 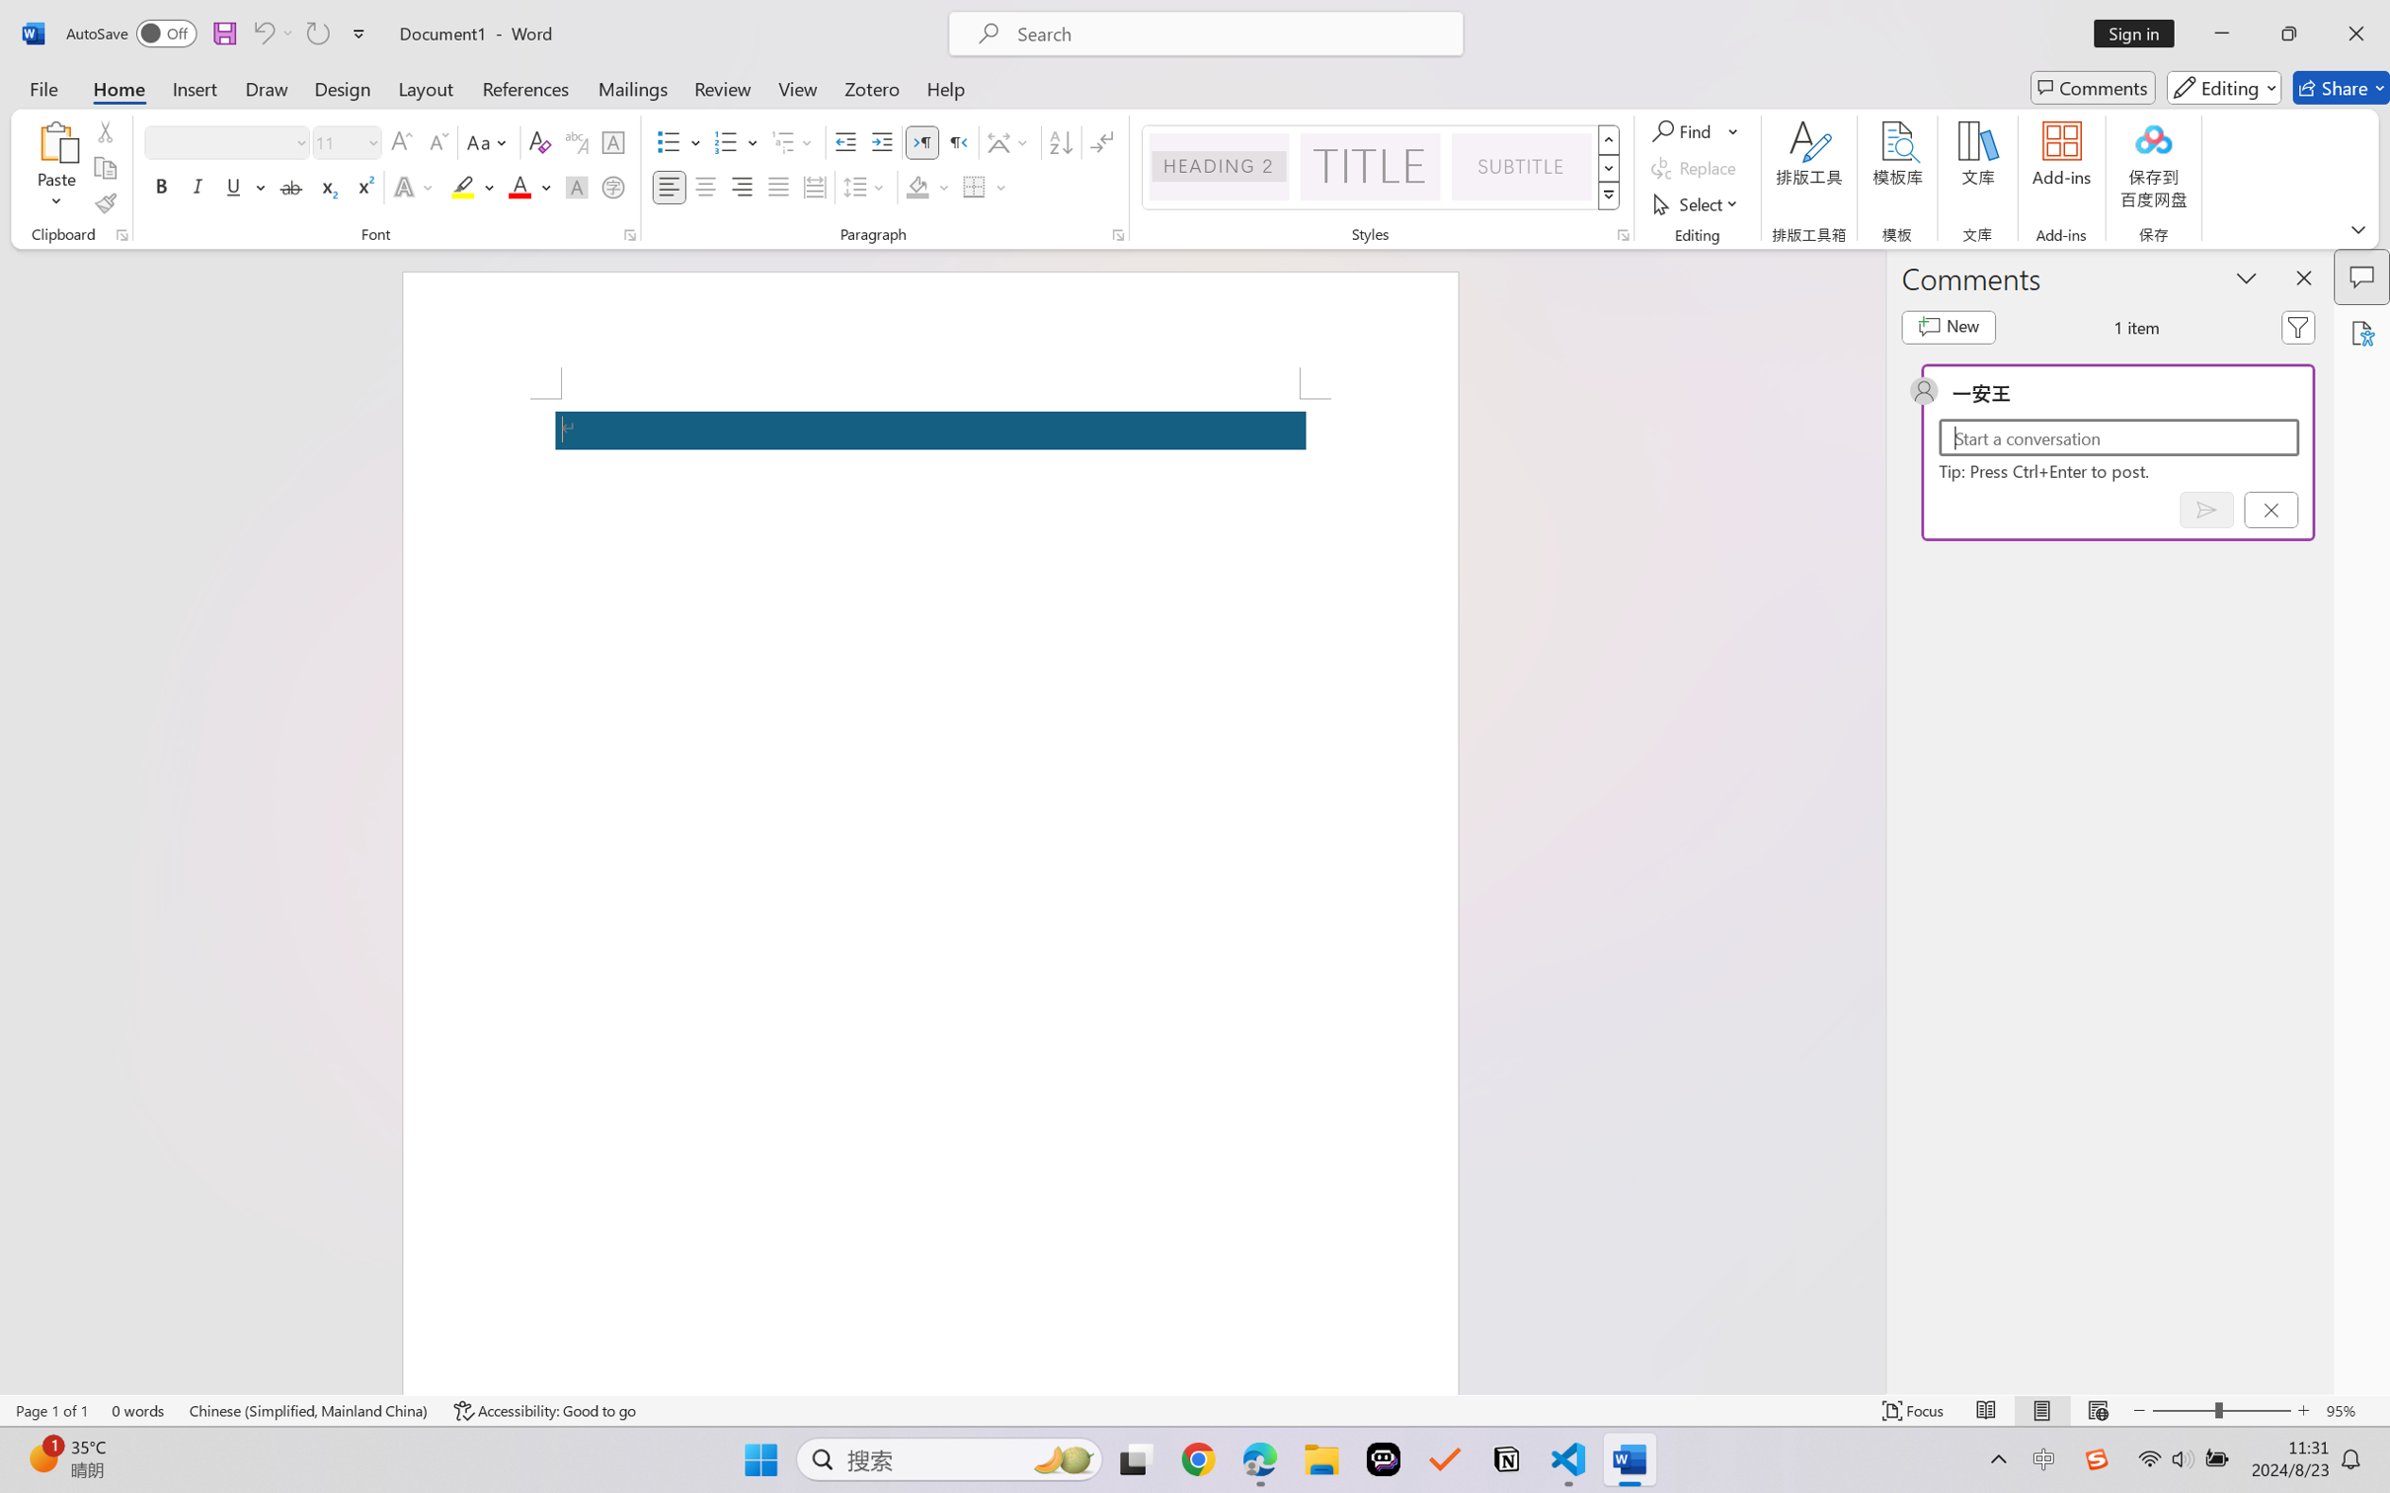 I want to click on 'Language Chinese (Simplified, Mainland China)', so click(x=309, y=1410).